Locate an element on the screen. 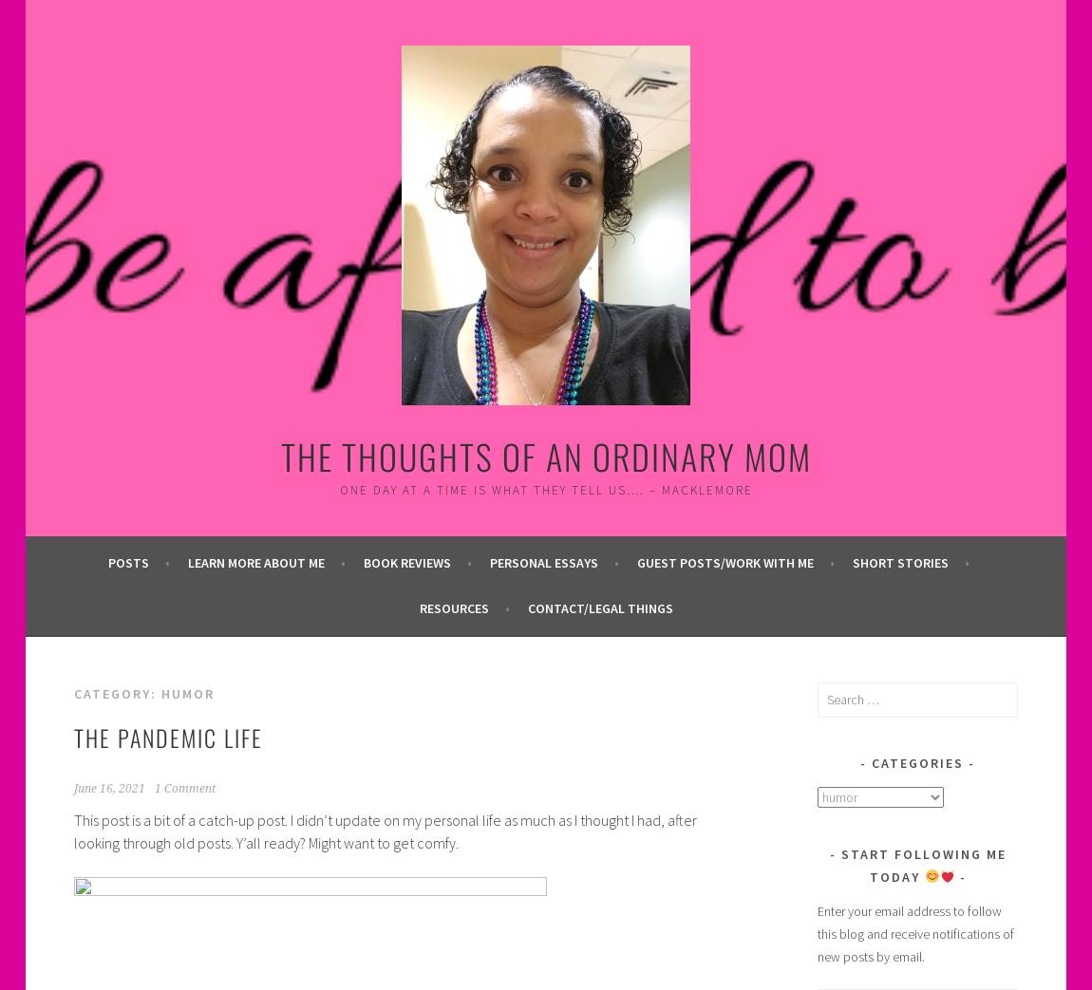 This screenshot has height=990, width=1092. 'June 16, 2021' is located at coordinates (107, 788).